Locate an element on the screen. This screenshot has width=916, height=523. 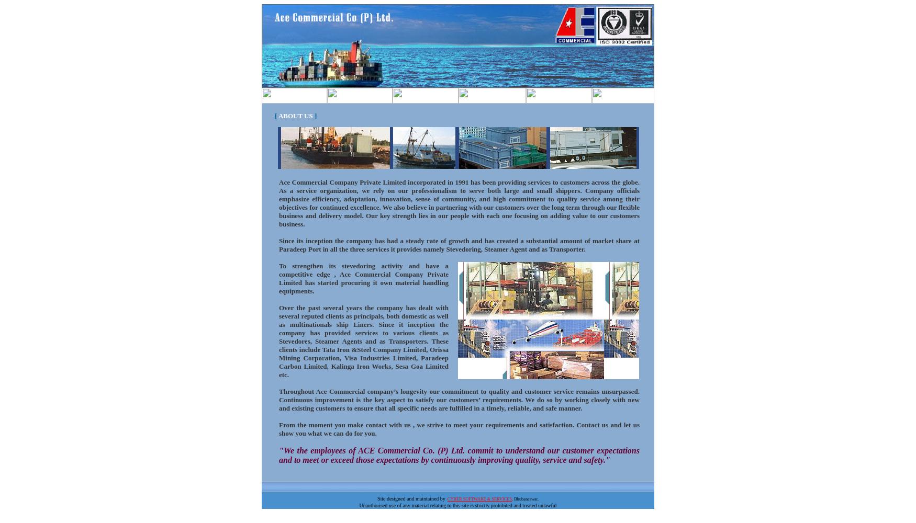
'To 
                    strengthen its stevedoring activity and have a competitive 
                    edge , Ace Commercial Company Private Limited has started 
                    procuring it own material handling equipments.' is located at coordinates (363, 278).